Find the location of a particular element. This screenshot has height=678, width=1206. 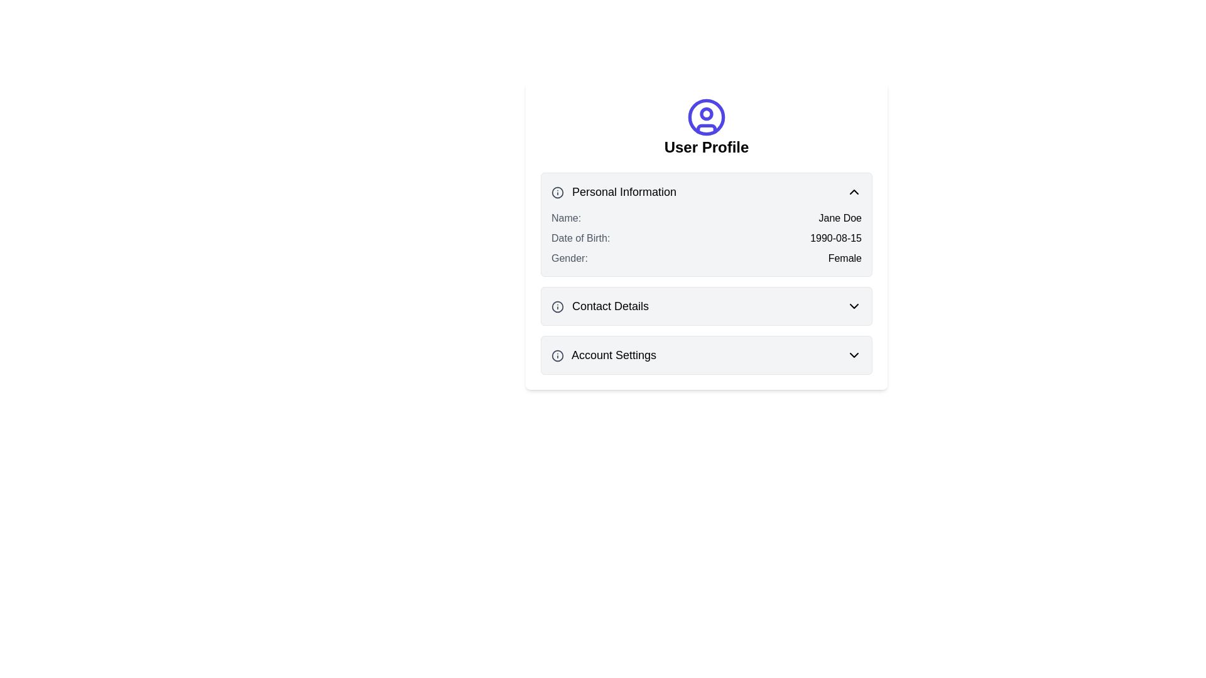

the small circular informational icon with a stylized 'i' symbol located at the leftmost side of the 'Personal Information' header, adjacent to the accompanying text label is located at coordinates (557, 193).